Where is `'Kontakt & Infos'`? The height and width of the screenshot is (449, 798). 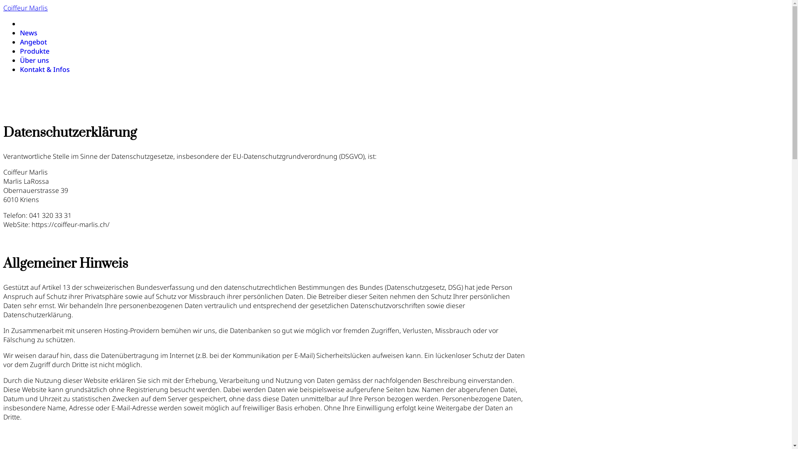 'Kontakt & Infos' is located at coordinates (44, 69).